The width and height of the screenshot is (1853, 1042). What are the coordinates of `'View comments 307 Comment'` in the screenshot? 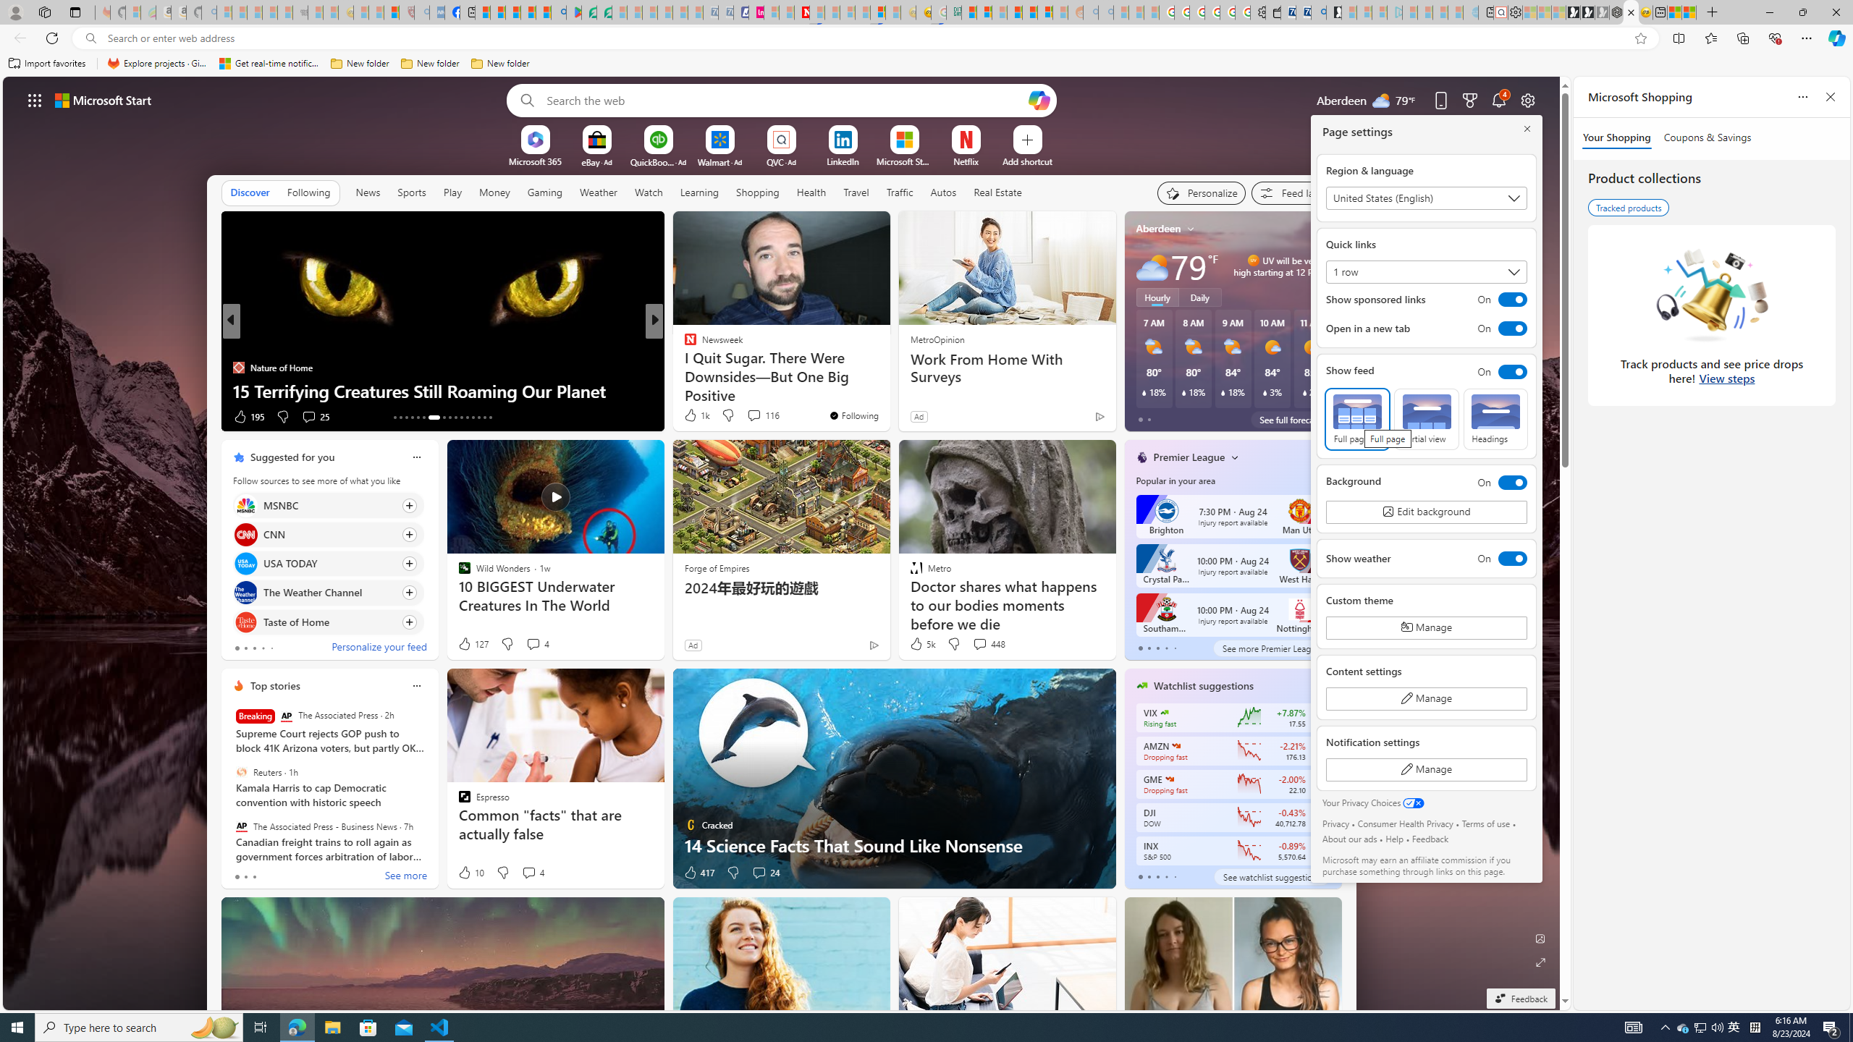 It's located at (758, 416).